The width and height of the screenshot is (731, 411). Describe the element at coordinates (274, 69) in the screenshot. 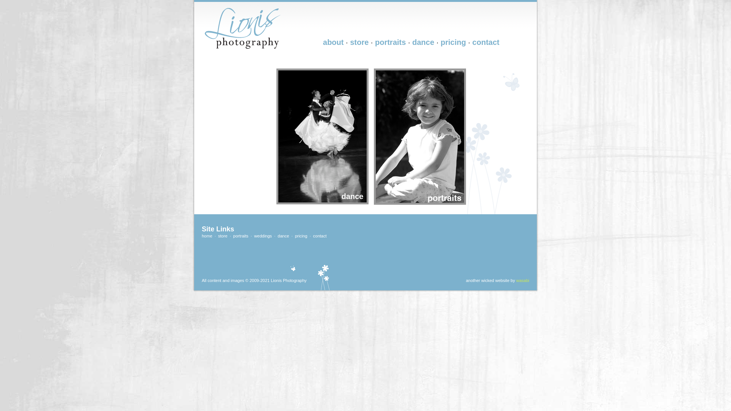

I see `'dance'` at that location.